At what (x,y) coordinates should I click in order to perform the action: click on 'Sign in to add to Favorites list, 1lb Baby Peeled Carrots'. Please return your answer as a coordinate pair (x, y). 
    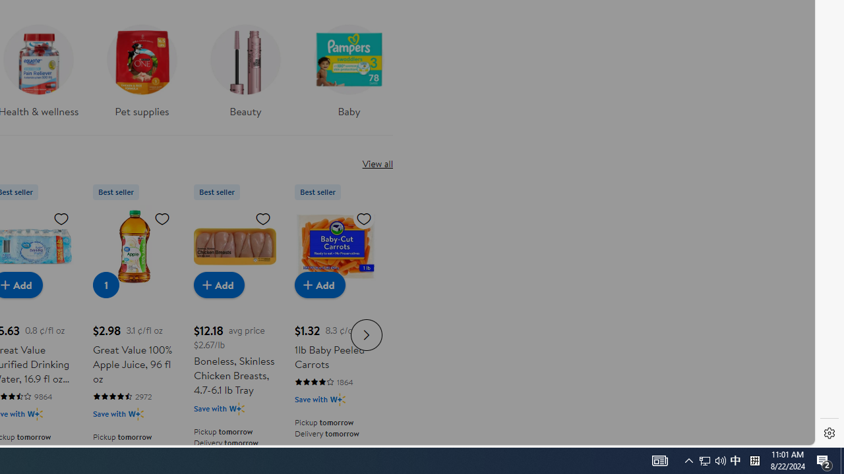
    Looking at the image, I should click on (364, 217).